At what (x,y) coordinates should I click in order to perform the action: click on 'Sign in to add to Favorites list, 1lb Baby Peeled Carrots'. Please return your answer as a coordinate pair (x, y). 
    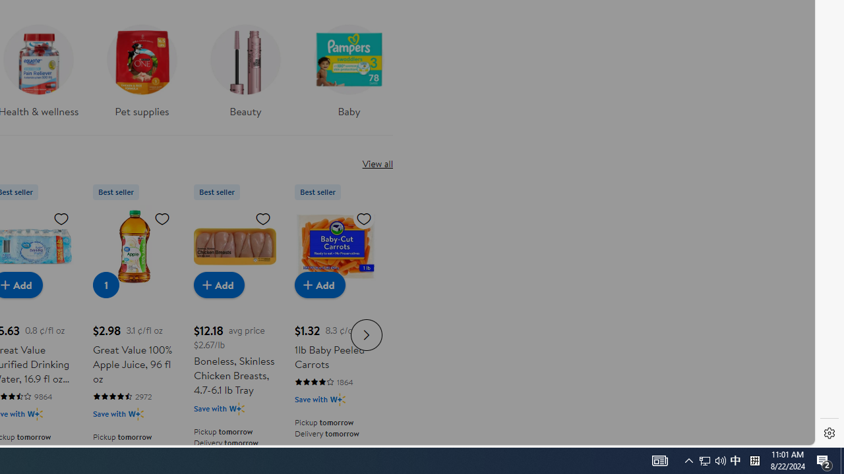
    Looking at the image, I should click on (364, 217).